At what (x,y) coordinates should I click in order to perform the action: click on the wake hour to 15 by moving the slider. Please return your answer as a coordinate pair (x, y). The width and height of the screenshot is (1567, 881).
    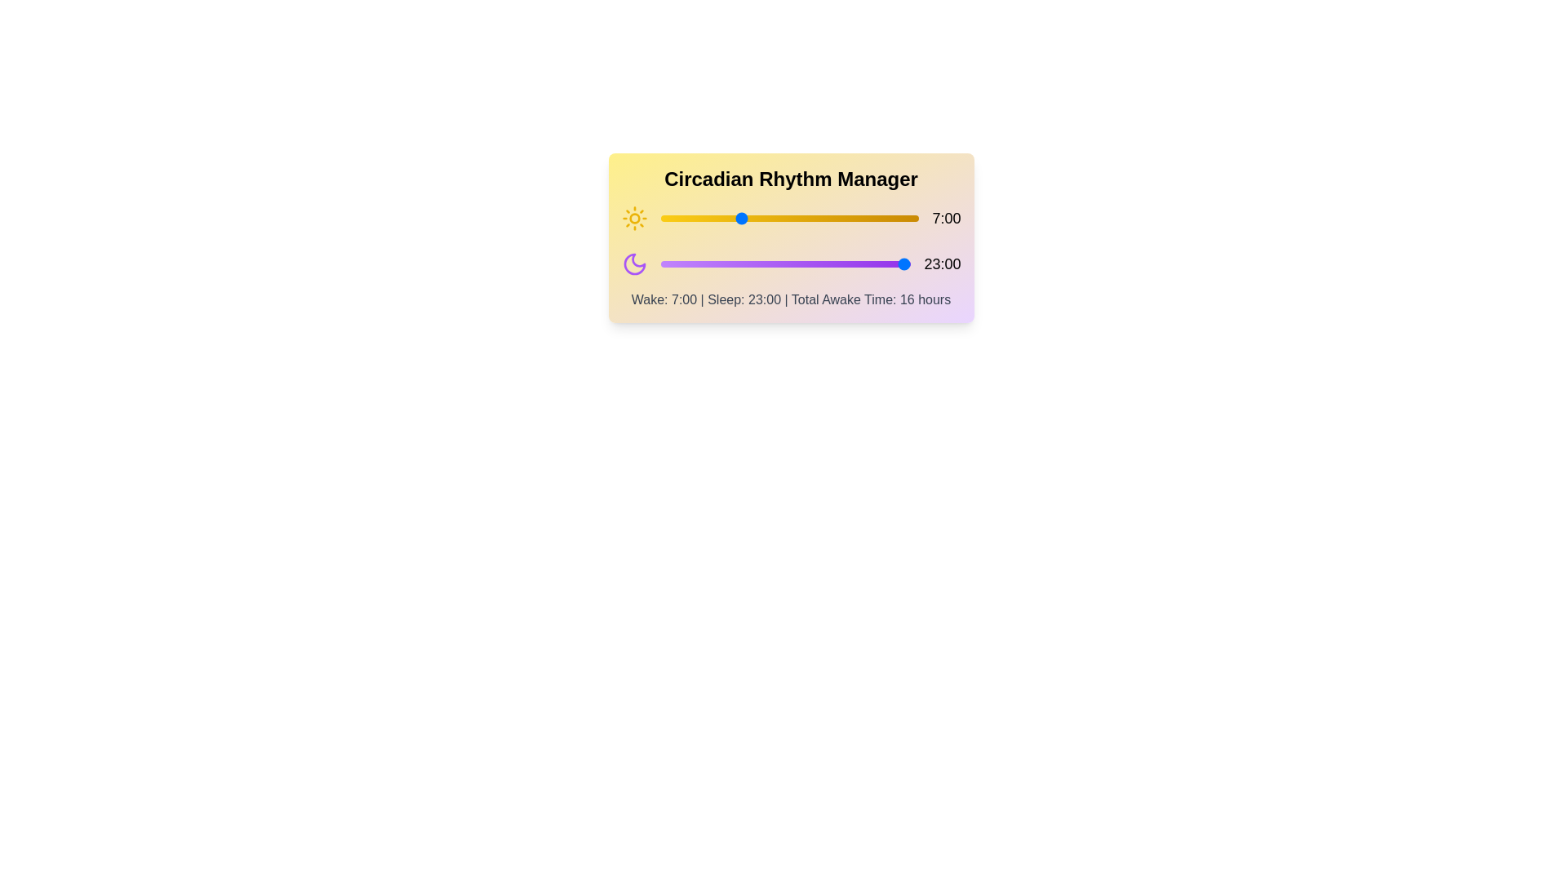
    Looking at the image, I should click on (829, 217).